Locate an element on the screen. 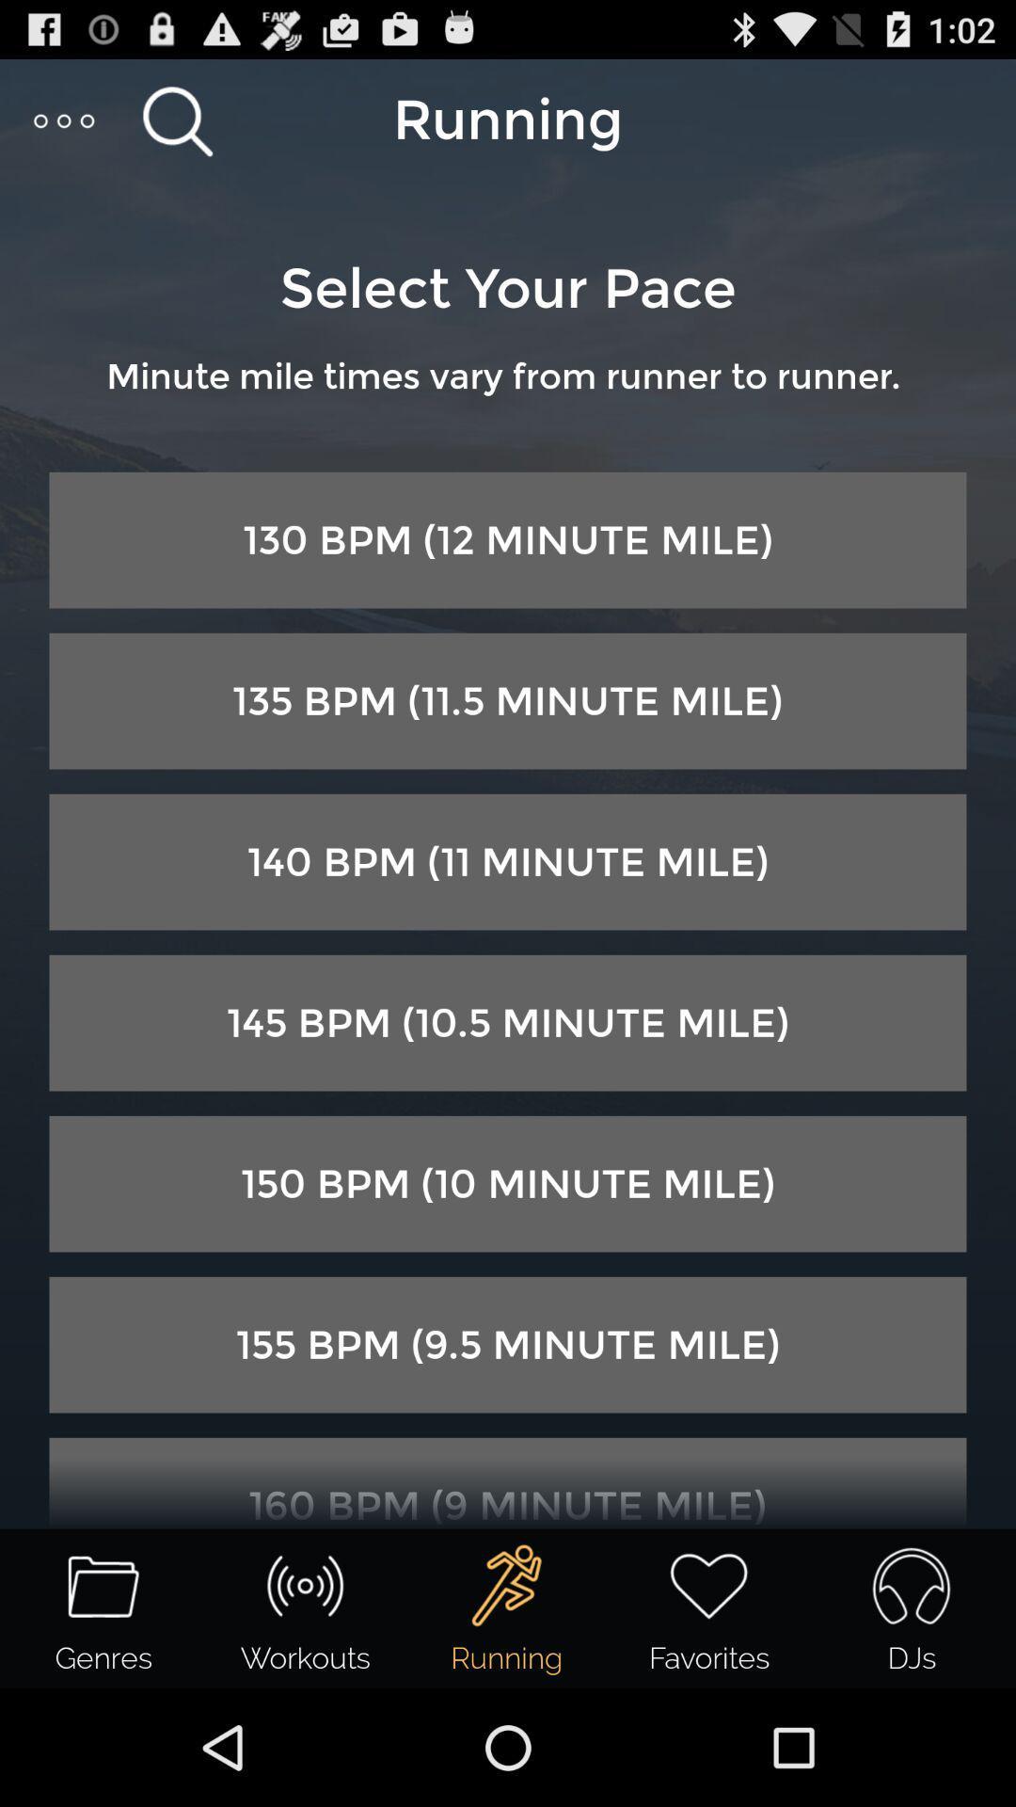 The height and width of the screenshot is (1807, 1016). open search is located at coordinates (177, 120).